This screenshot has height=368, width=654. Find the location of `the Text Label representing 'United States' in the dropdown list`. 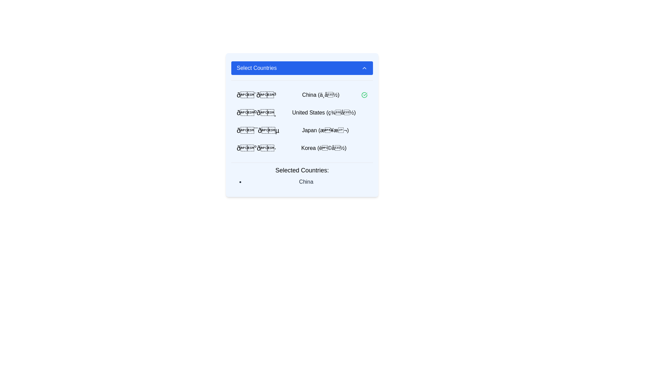

the Text Label representing 'United States' in the dropdown list is located at coordinates (324, 112).